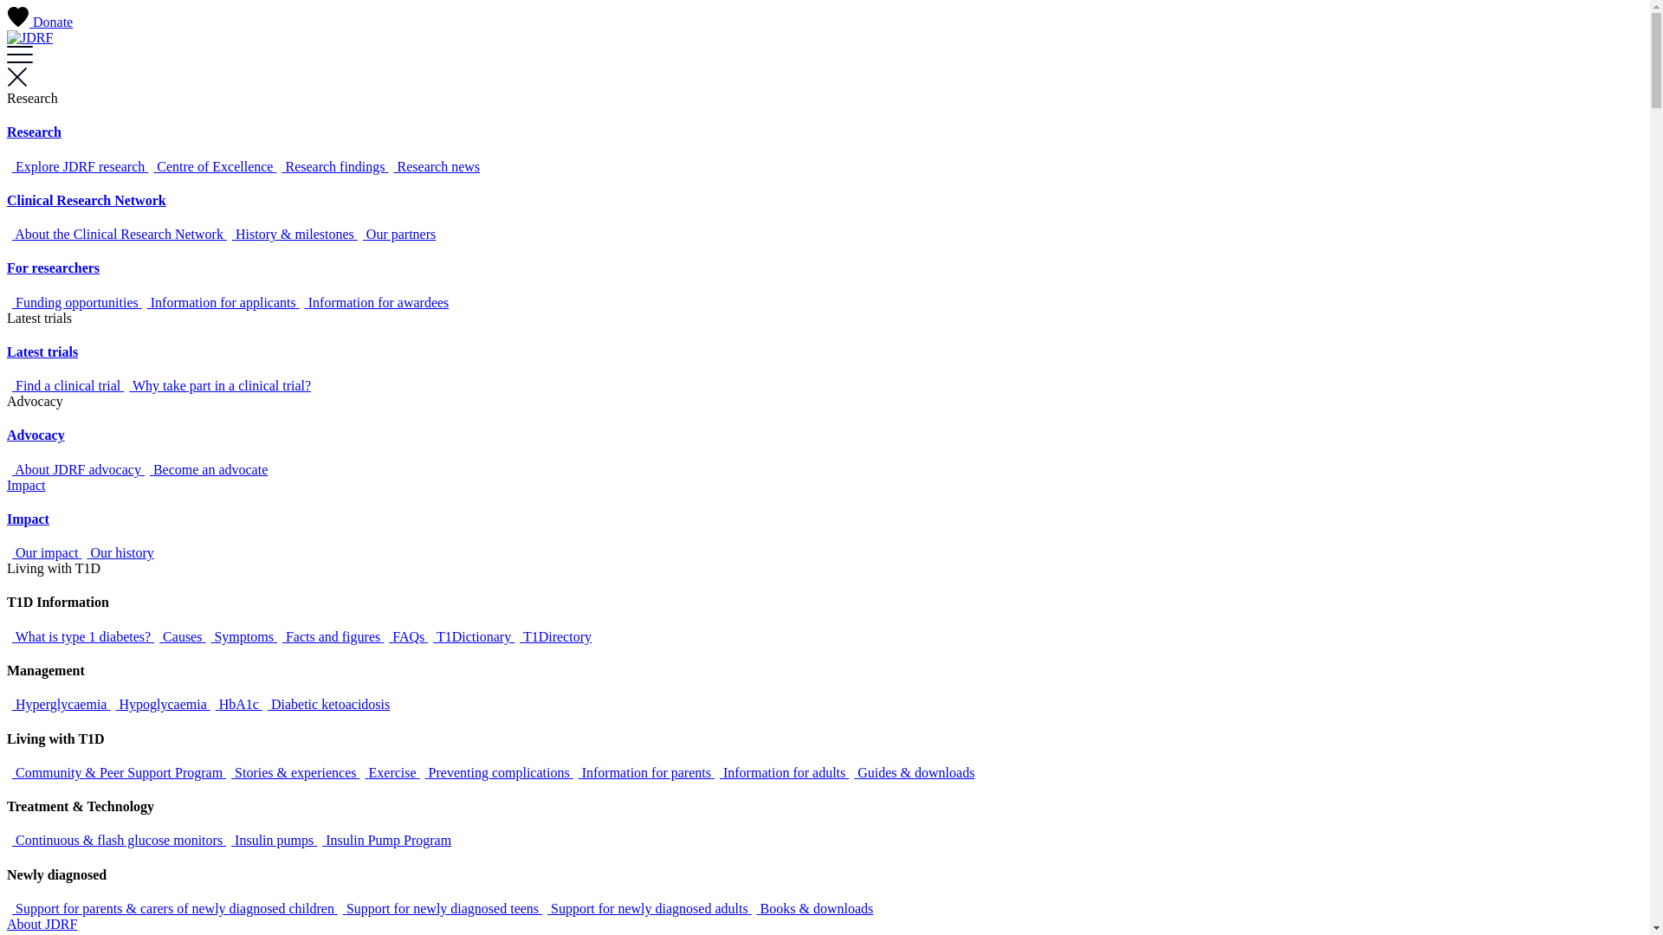  I want to click on 'T1Directory', so click(552, 636).